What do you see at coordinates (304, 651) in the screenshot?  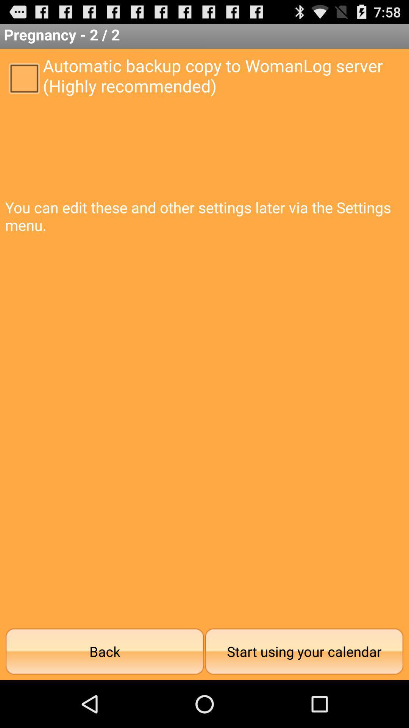 I see `the start using your icon` at bounding box center [304, 651].